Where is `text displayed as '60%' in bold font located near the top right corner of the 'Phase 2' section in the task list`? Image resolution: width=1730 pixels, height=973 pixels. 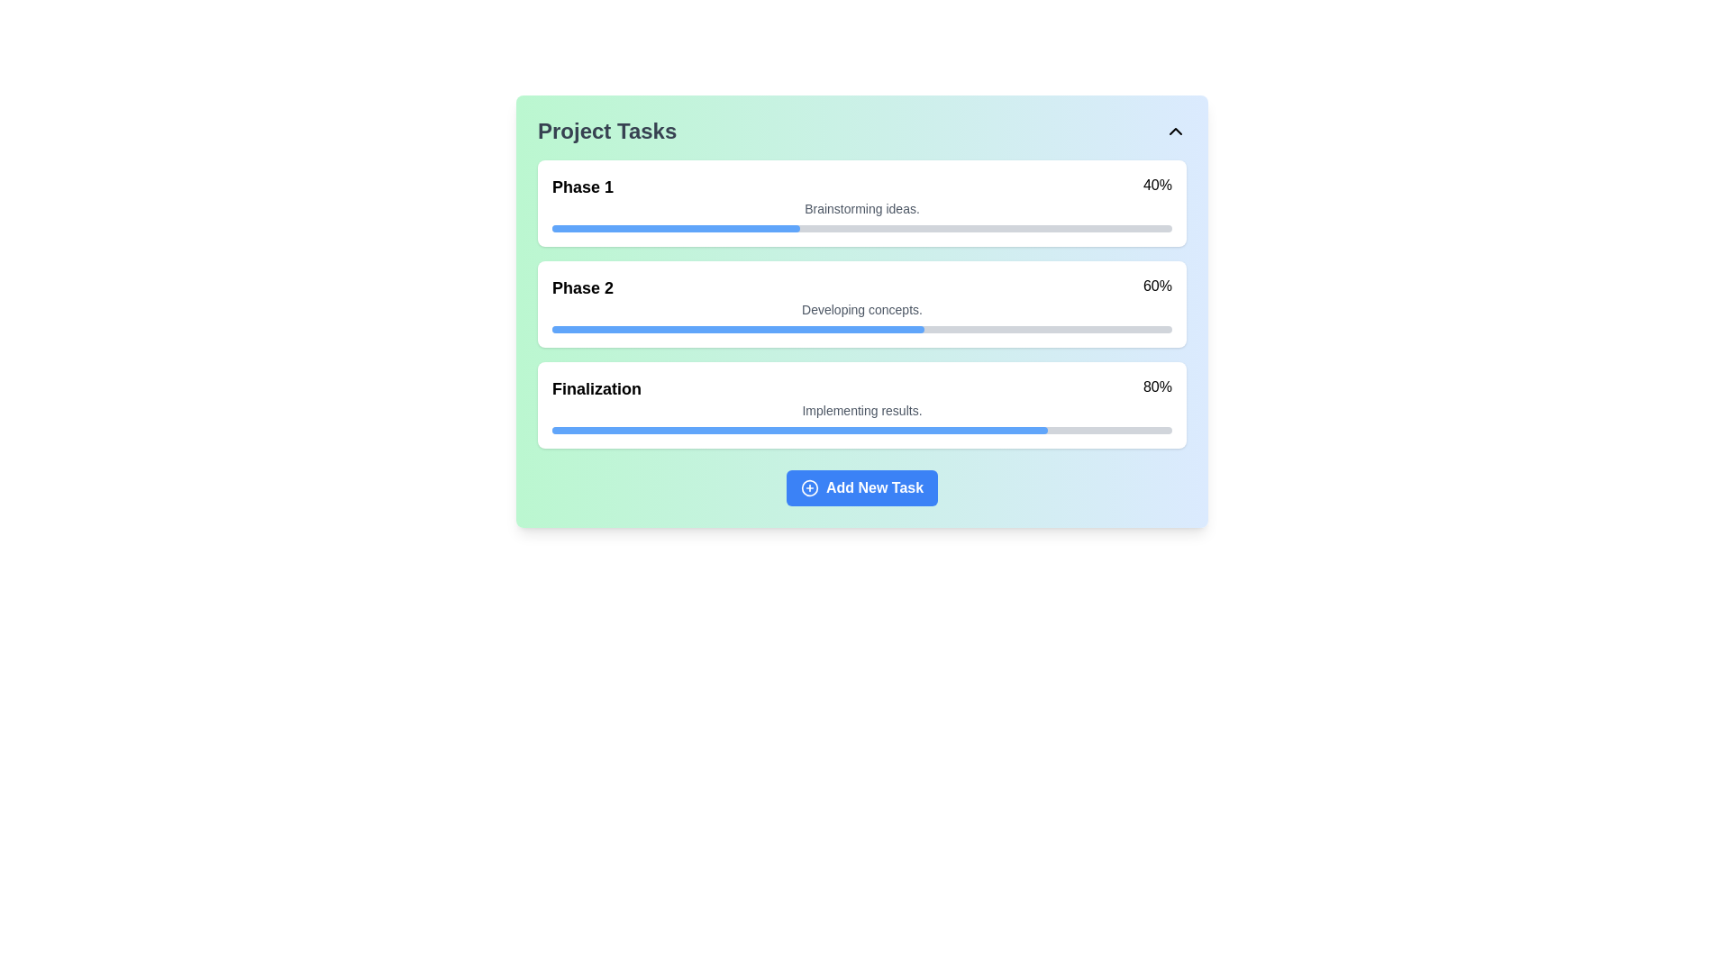
text displayed as '60%' in bold font located near the top right corner of the 'Phase 2' section in the task list is located at coordinates (1158, 287).